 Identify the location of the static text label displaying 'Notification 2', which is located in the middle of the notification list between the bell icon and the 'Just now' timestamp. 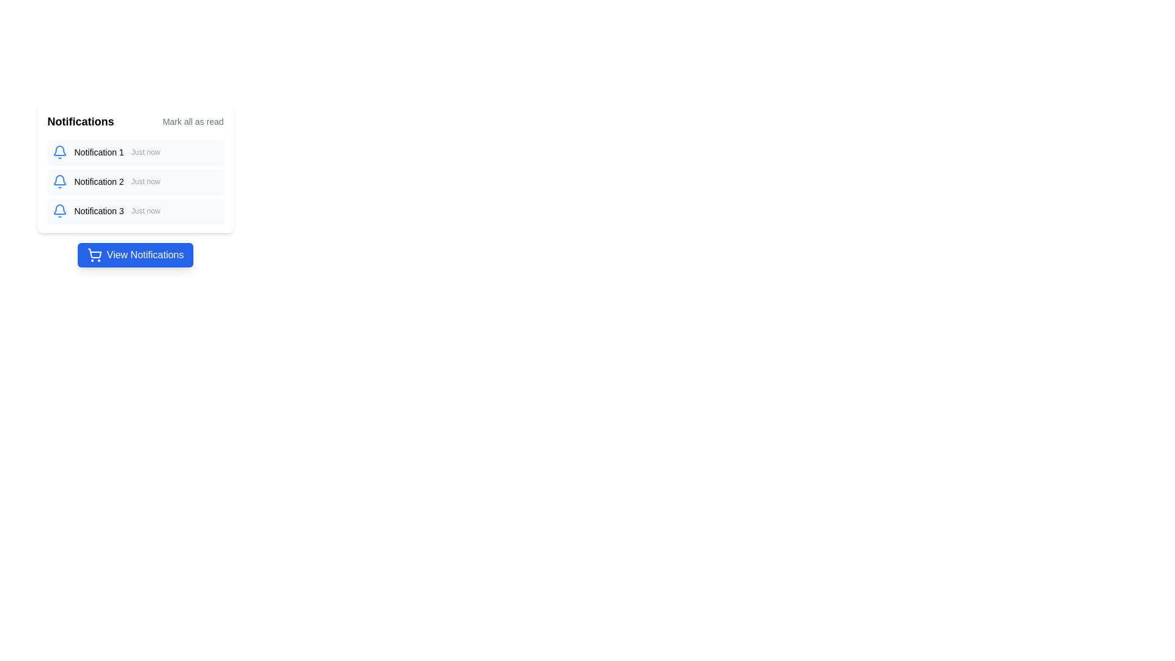
(99, 182).